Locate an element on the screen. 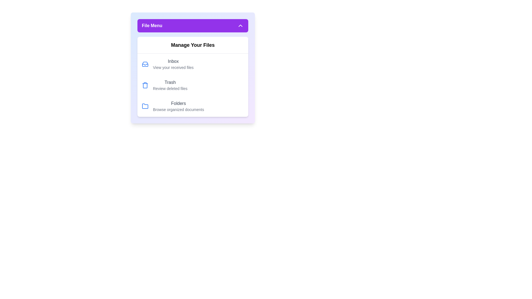 The height and width of the screenshot is (299, 532). the 'Trash' menu item to review deleted files is located at coordinates (193, 85).